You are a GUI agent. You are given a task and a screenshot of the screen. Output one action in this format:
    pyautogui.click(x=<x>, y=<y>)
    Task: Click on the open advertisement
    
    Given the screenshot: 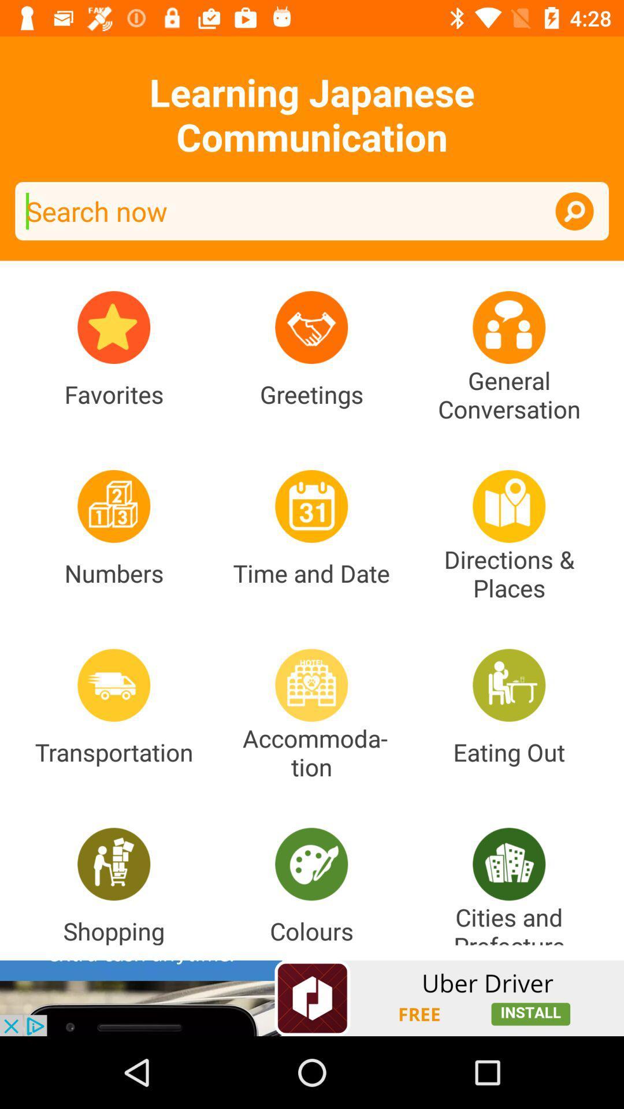 What is the action you would take?
    pyautogui.click(x=312, y=998)
    